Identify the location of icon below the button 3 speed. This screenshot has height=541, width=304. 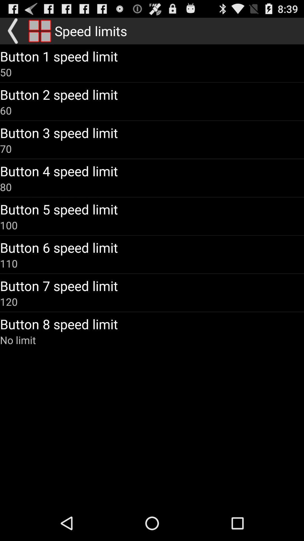
(6, 149).